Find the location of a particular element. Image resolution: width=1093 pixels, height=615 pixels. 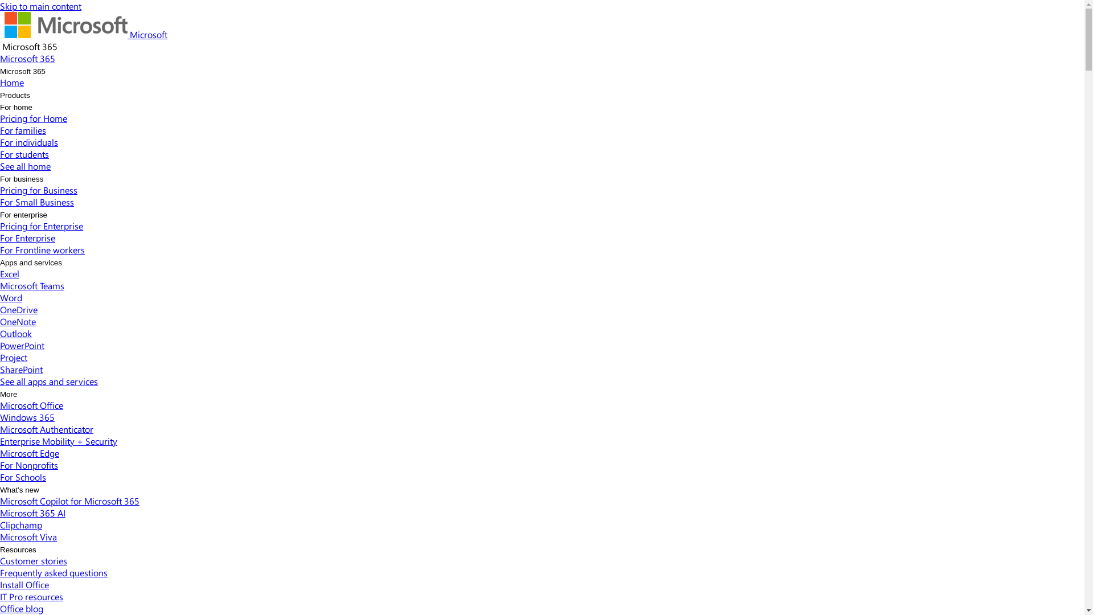

'Apps and services' is located at coordinates (31, 263).